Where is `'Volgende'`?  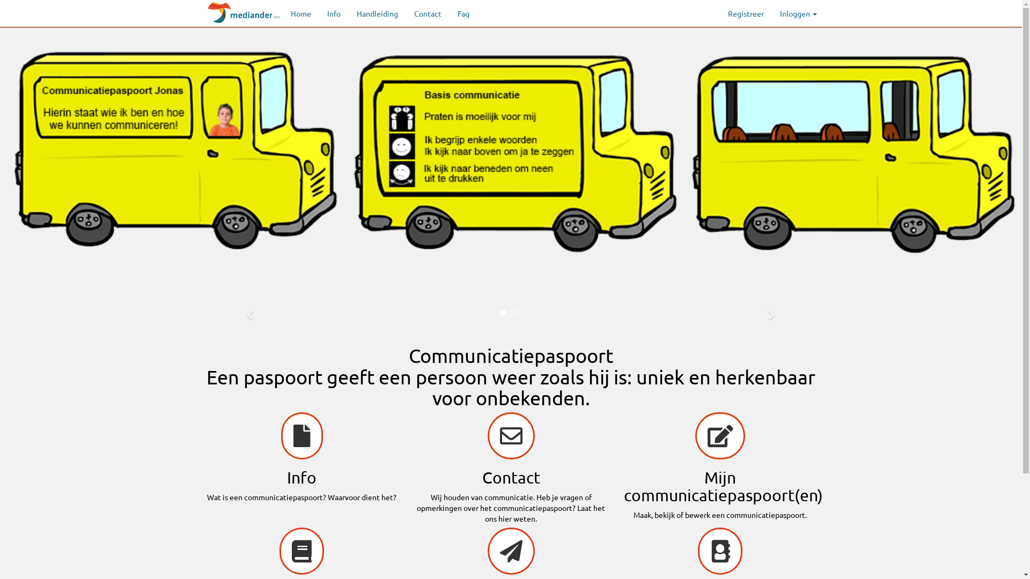
'Volgende' is located at coordinates (771, 312).